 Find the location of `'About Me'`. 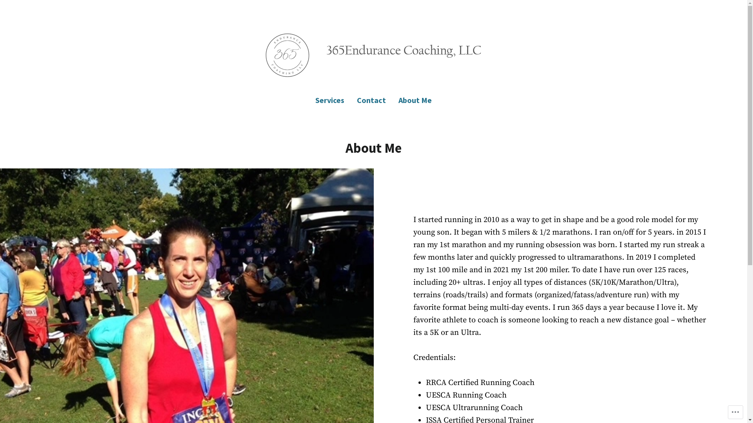

'About Me' is located at coordinates (411, 99).